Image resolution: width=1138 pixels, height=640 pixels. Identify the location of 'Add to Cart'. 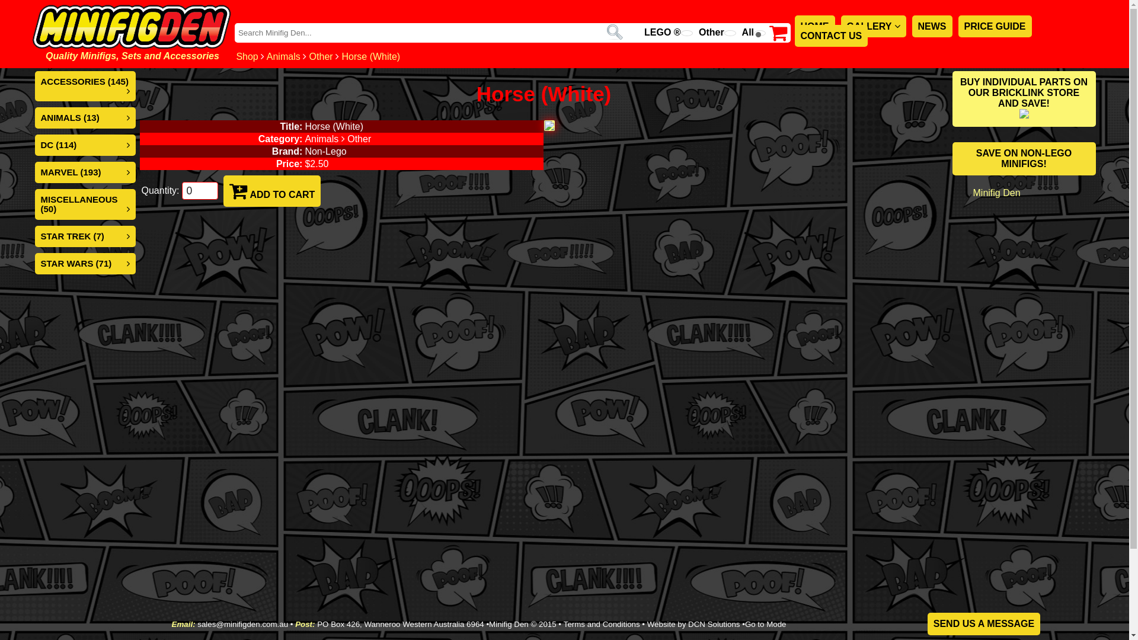
(238, 190).